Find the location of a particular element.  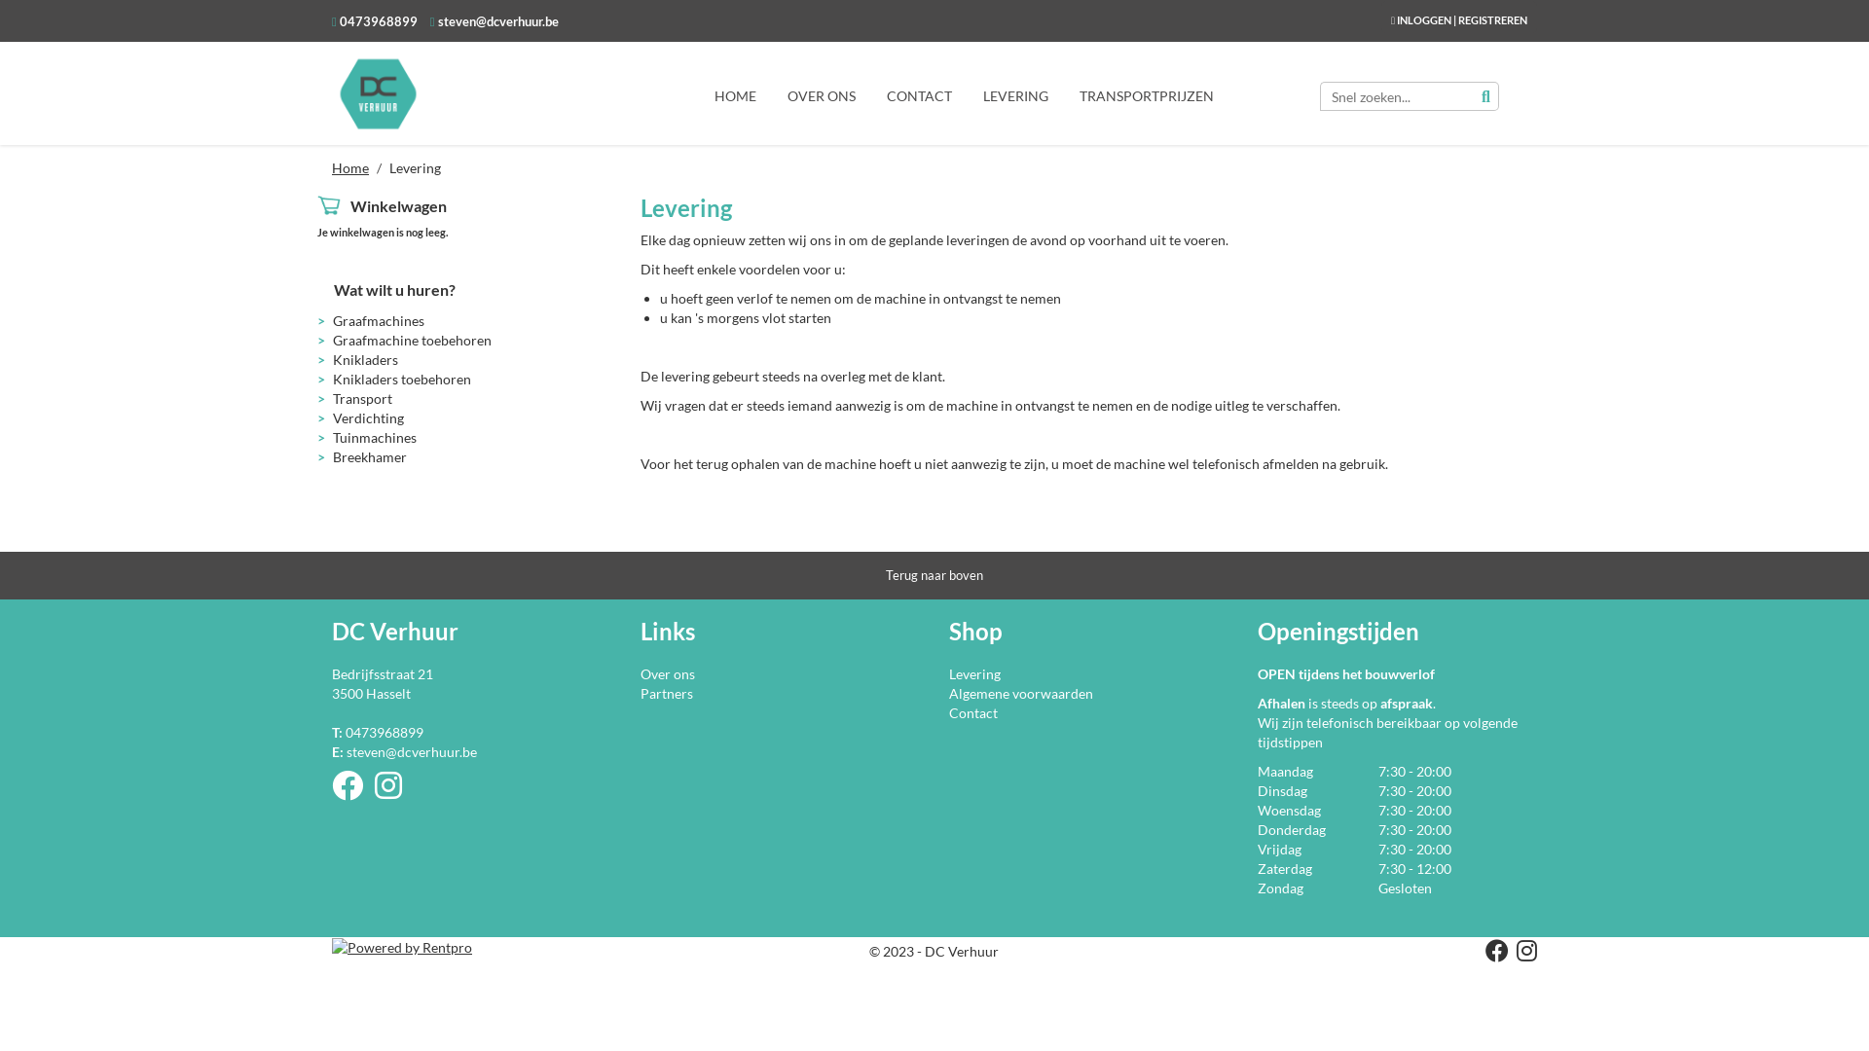

'Knikladers' is located at coordinates (365, 359).